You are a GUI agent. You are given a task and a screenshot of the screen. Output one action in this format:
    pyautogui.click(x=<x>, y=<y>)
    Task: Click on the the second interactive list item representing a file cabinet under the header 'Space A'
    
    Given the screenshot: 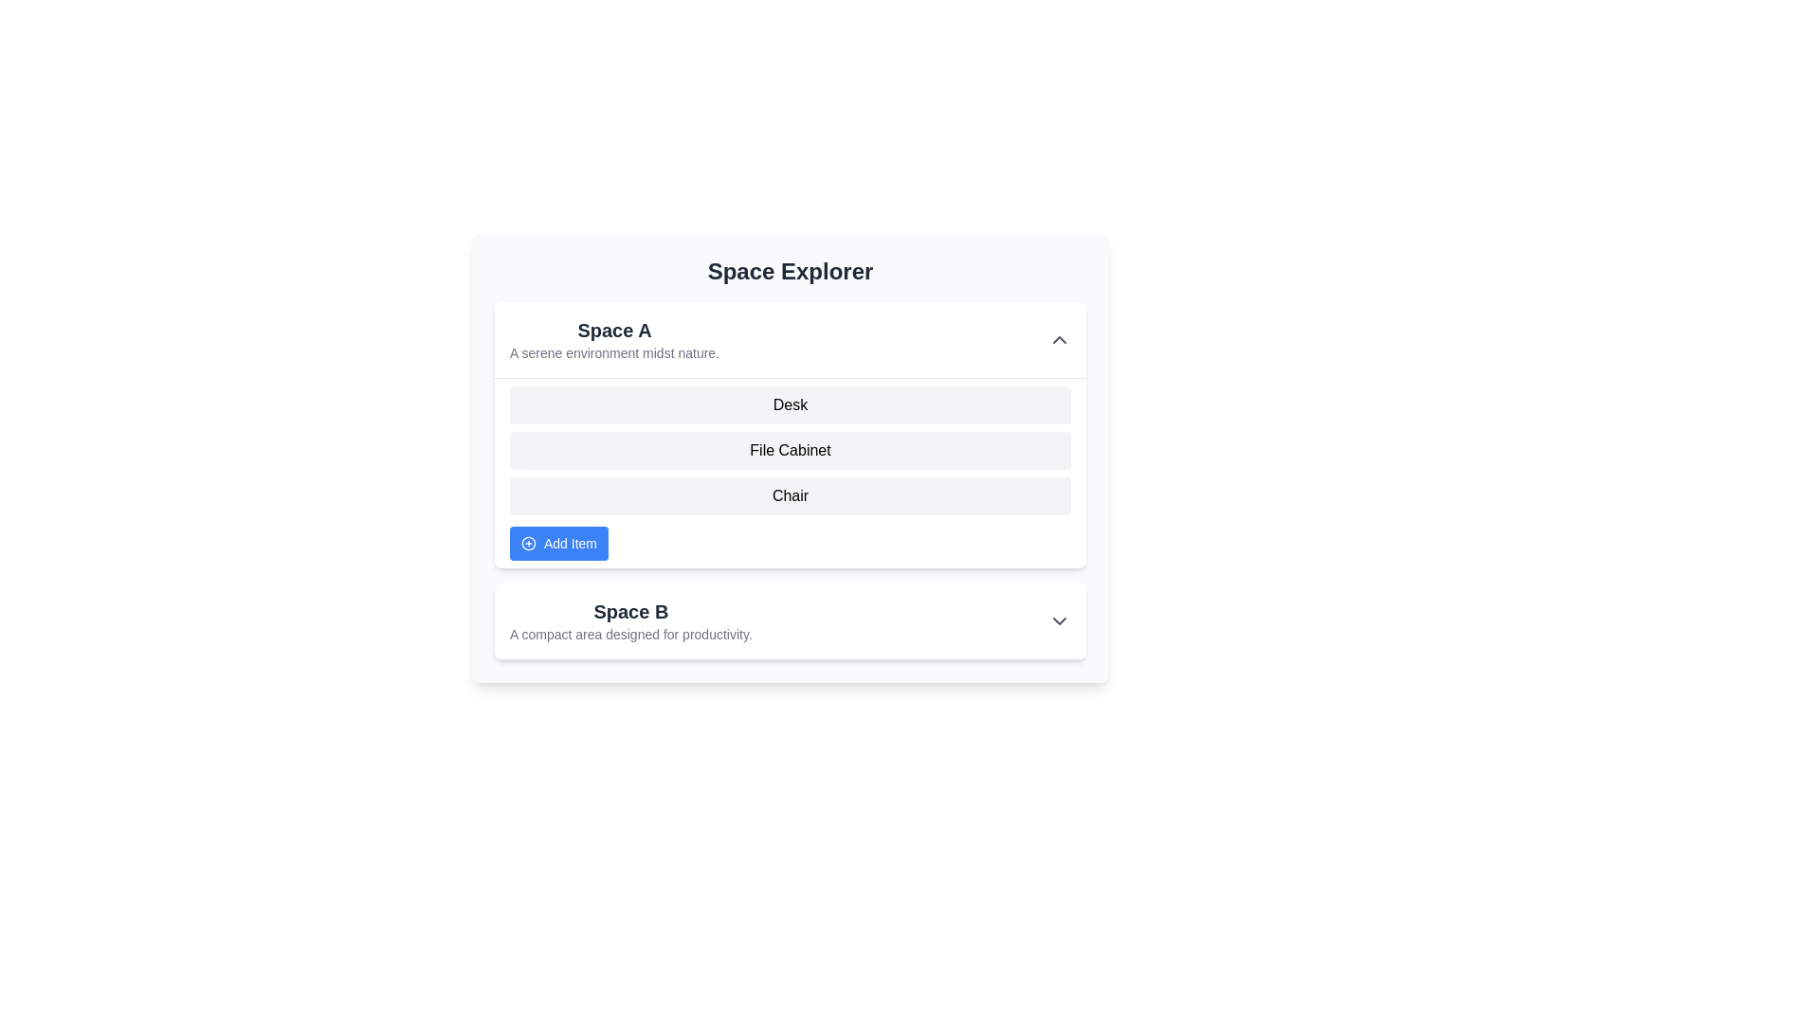 What is the action you would take?
    pyautogui.click(x=791, y=458)
    